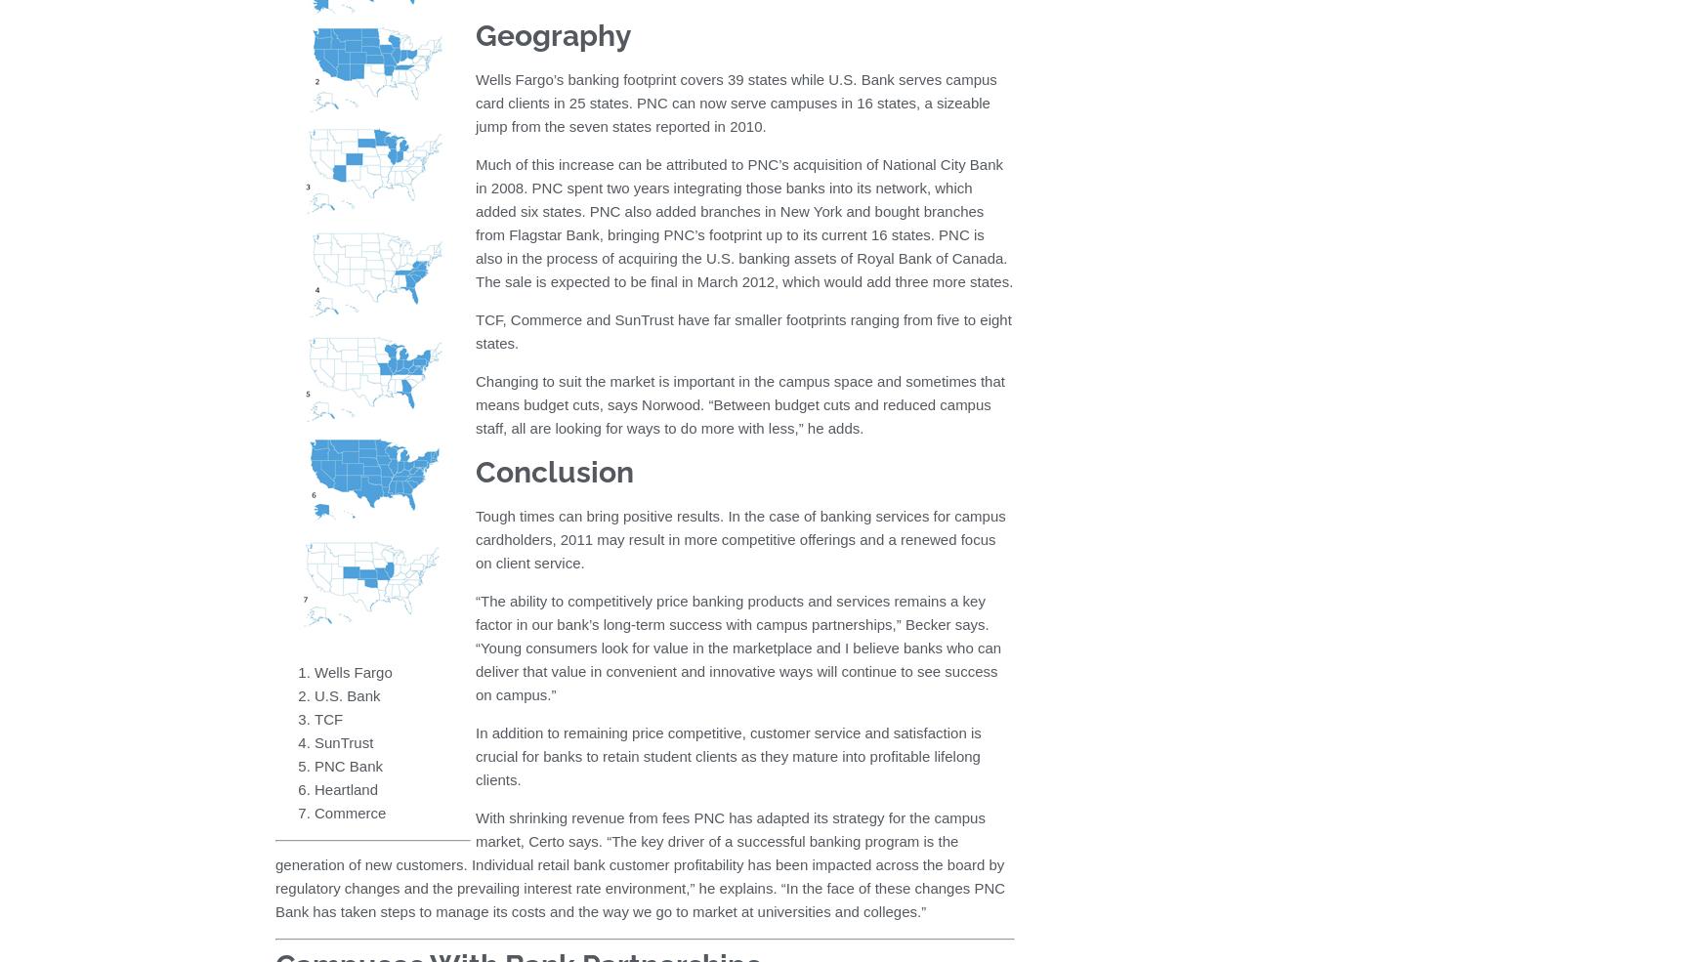 The width and height of the screenshot is (1684, 962). I want to click on 'Geography', so click(553, 34).